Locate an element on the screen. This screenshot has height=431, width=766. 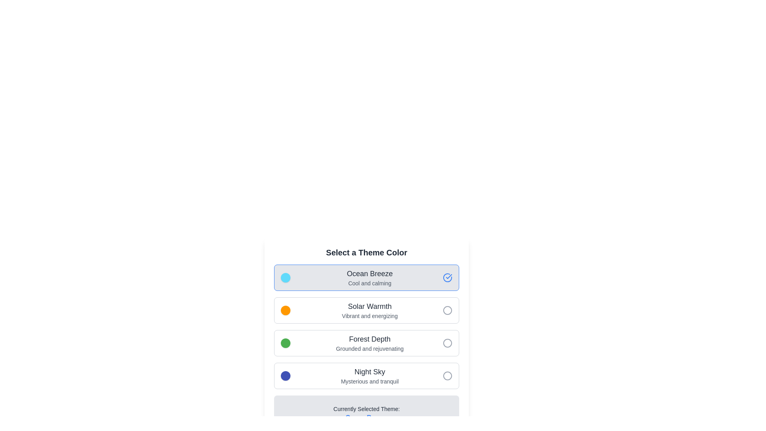
the color representation of the circular color indicator with an orange background located in the 'Solar Warmth' theme color selection menu is located at coordinates (285, 310).